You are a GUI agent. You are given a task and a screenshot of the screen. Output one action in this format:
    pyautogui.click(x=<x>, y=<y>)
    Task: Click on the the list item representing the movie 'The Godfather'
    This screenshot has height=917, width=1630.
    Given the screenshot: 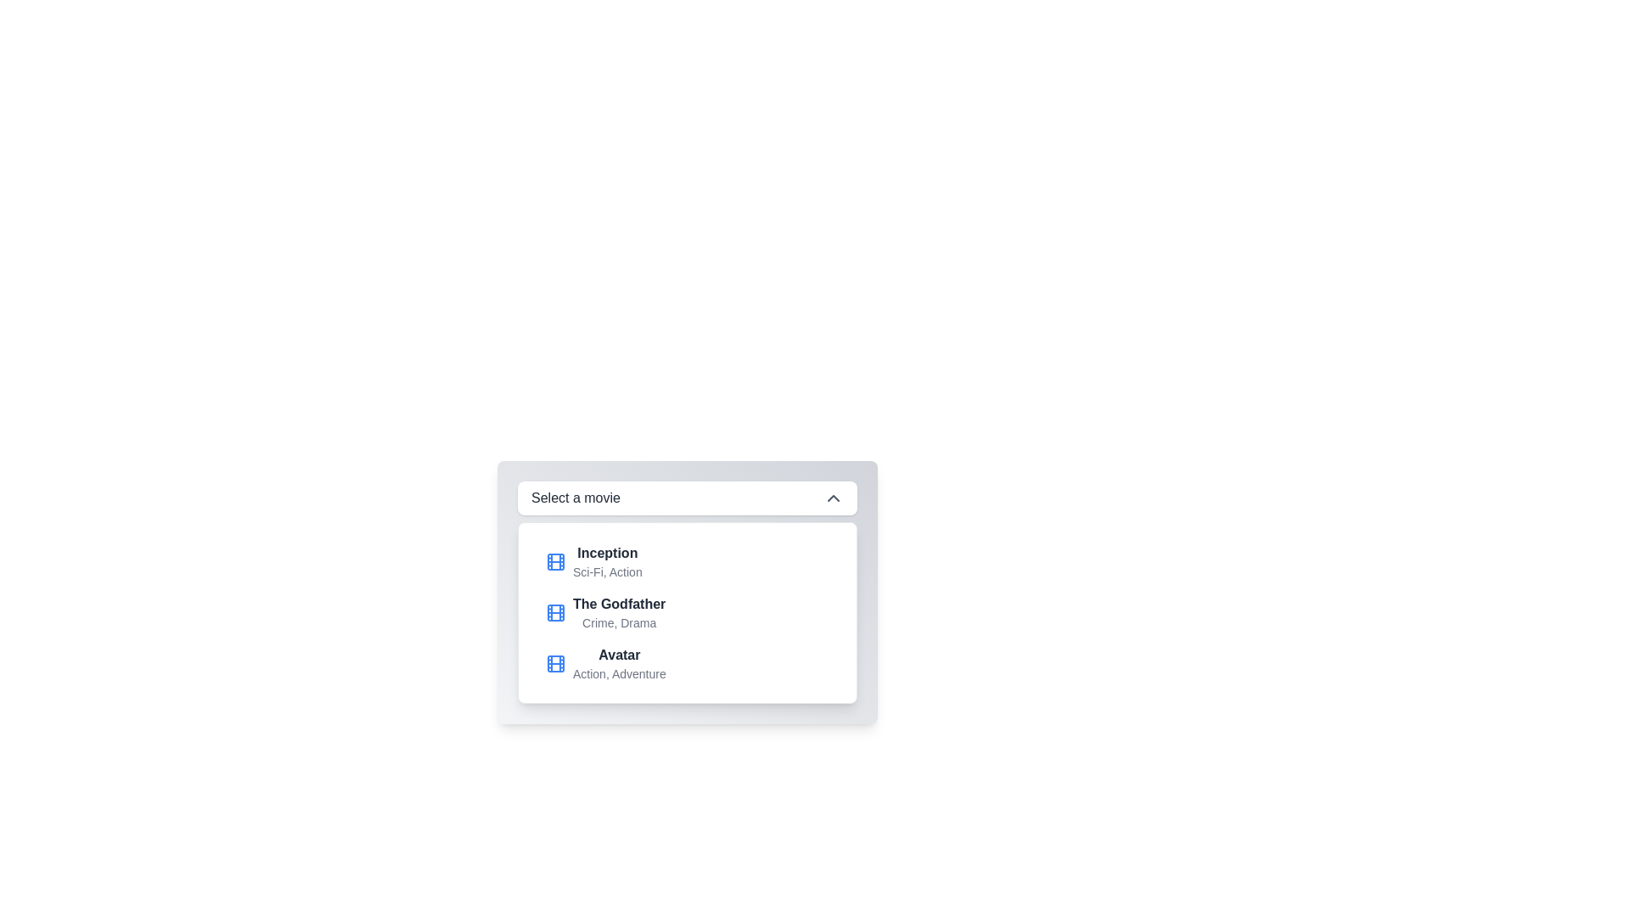 What is the action you would take?
    pyautogui.click(x=688, y=612)
    